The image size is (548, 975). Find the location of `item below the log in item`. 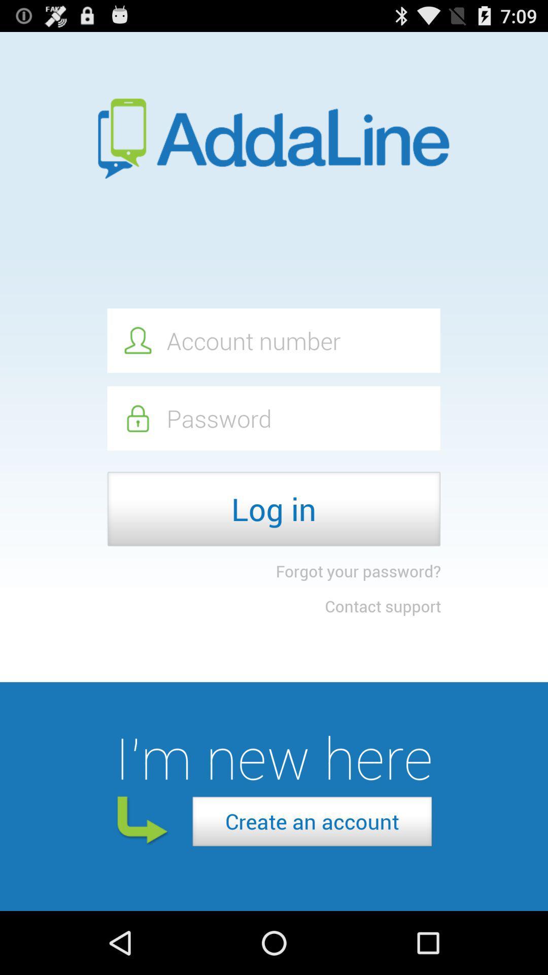

item below the log in item is located at coordinates (358, 571).